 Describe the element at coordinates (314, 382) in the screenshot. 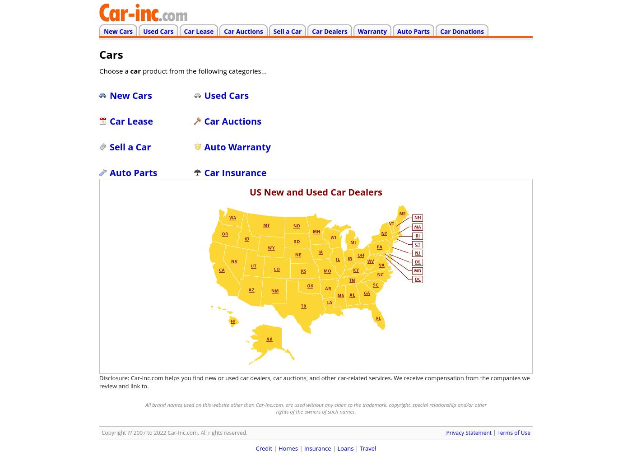

I see `'Disclosure: Car-Inc.com helps you find new or used car dealers, car auctions, and other car-related services. We receive compensation from the companies we review and link to.'` at that location.